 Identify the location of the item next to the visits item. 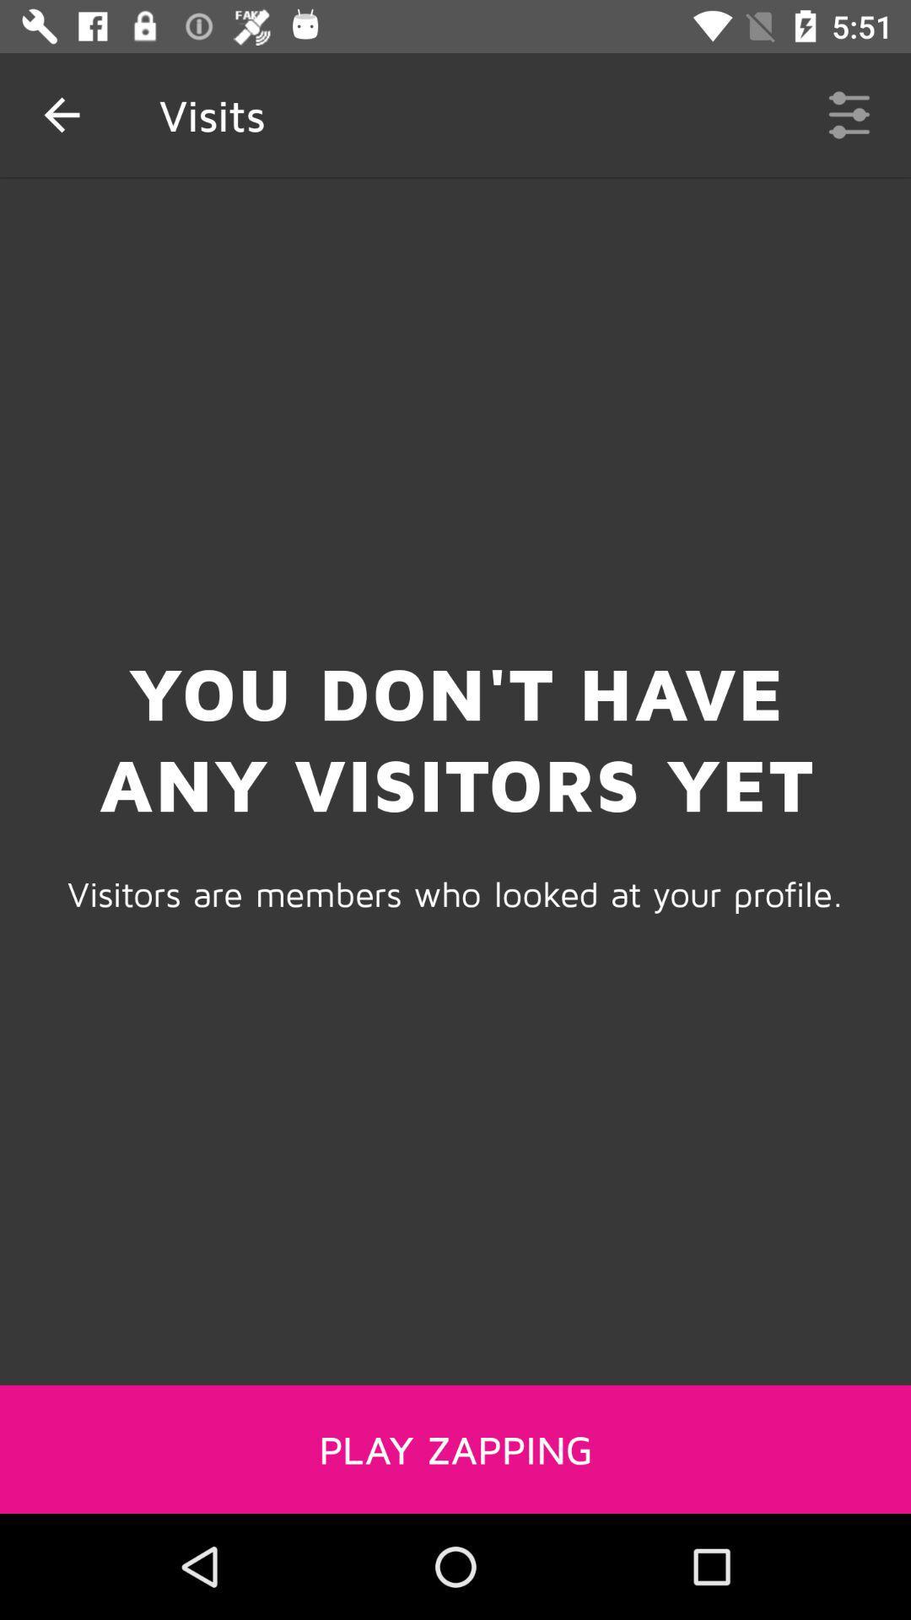
(61, 114).